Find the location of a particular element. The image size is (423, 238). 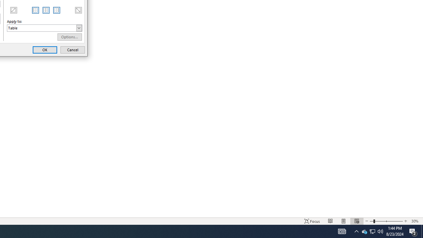

'MSO Generic Control Container' is located at coordinates (35, 10).